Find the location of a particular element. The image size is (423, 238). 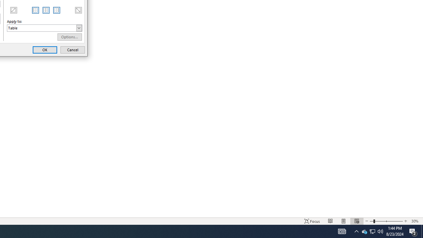

'MSO Generic Control Container' is located at coordinates (35, 10).